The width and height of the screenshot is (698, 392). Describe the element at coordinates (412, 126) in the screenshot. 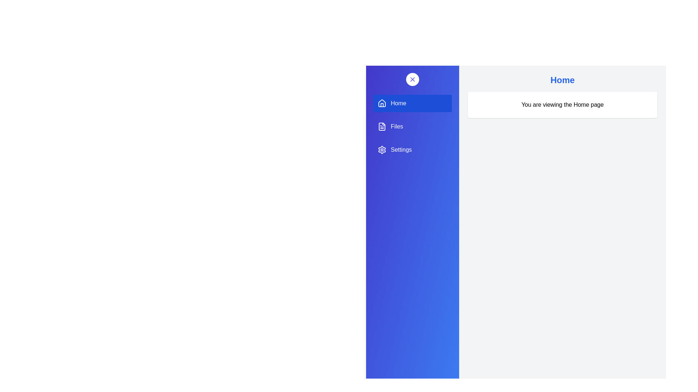

I see `the menu item Files to observe its hover effect` at that location.